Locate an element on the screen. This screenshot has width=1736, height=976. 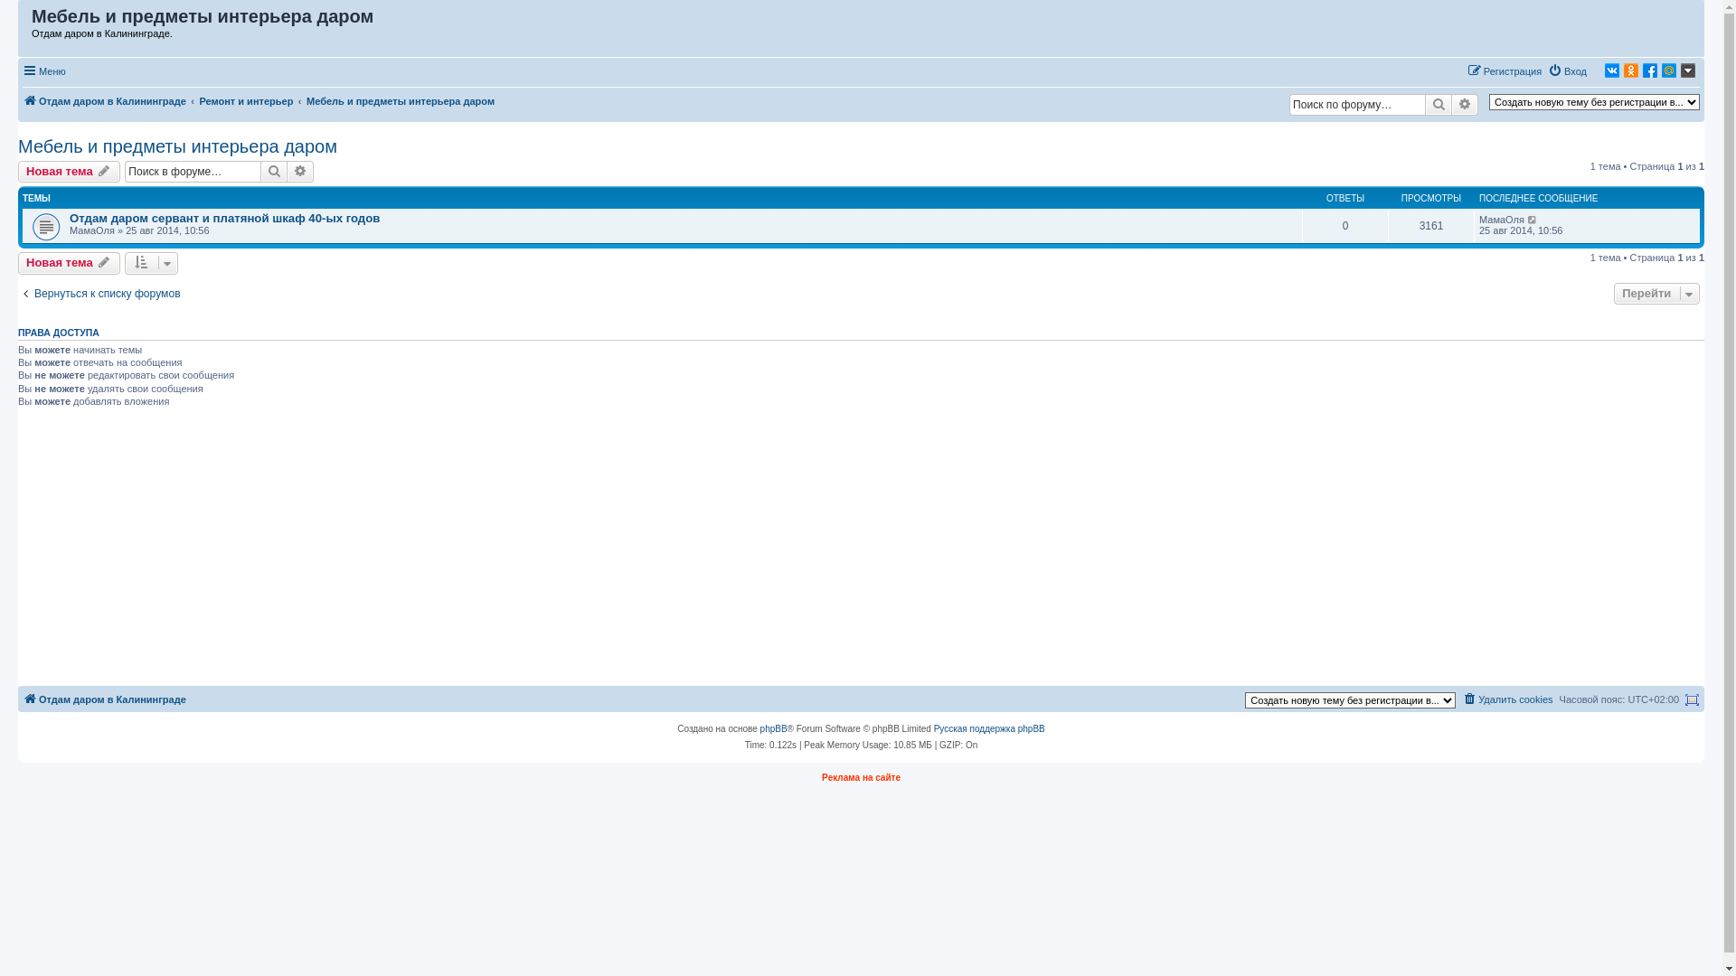
'Facebook' is located at coordinates (1649, 69).